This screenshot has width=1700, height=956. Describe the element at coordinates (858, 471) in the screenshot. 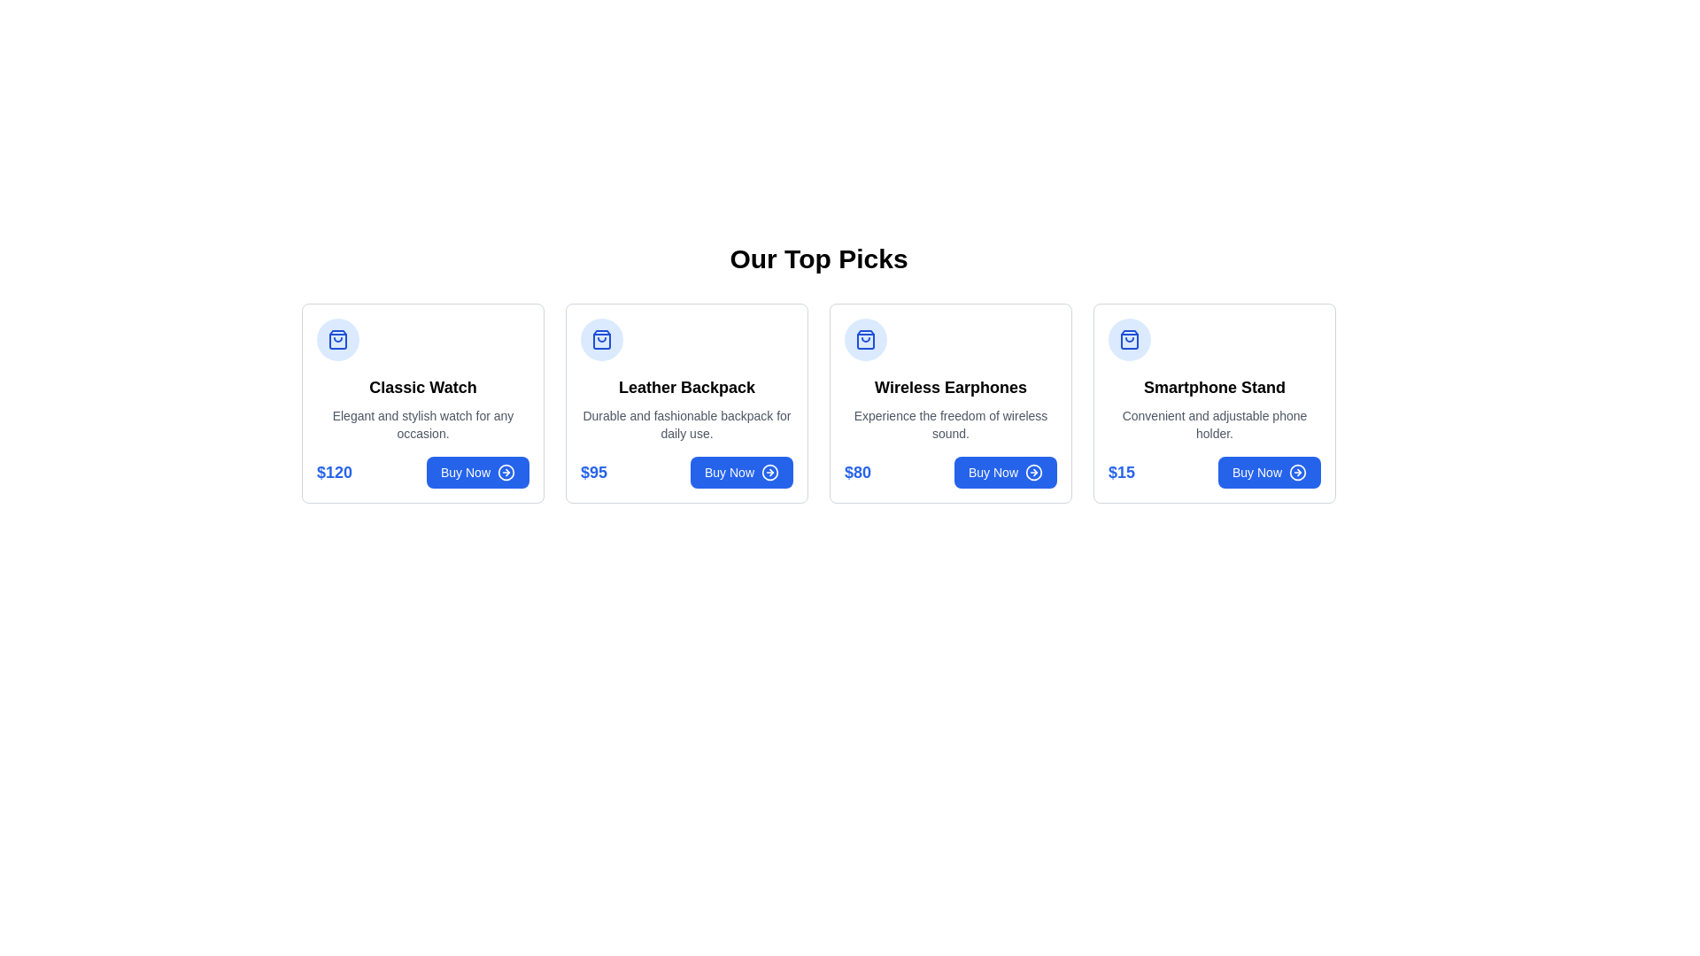

I see `the static text displaying '$80' in a bold and large blue font, which is part of the 'Wireless Earphones' product card` at that location.